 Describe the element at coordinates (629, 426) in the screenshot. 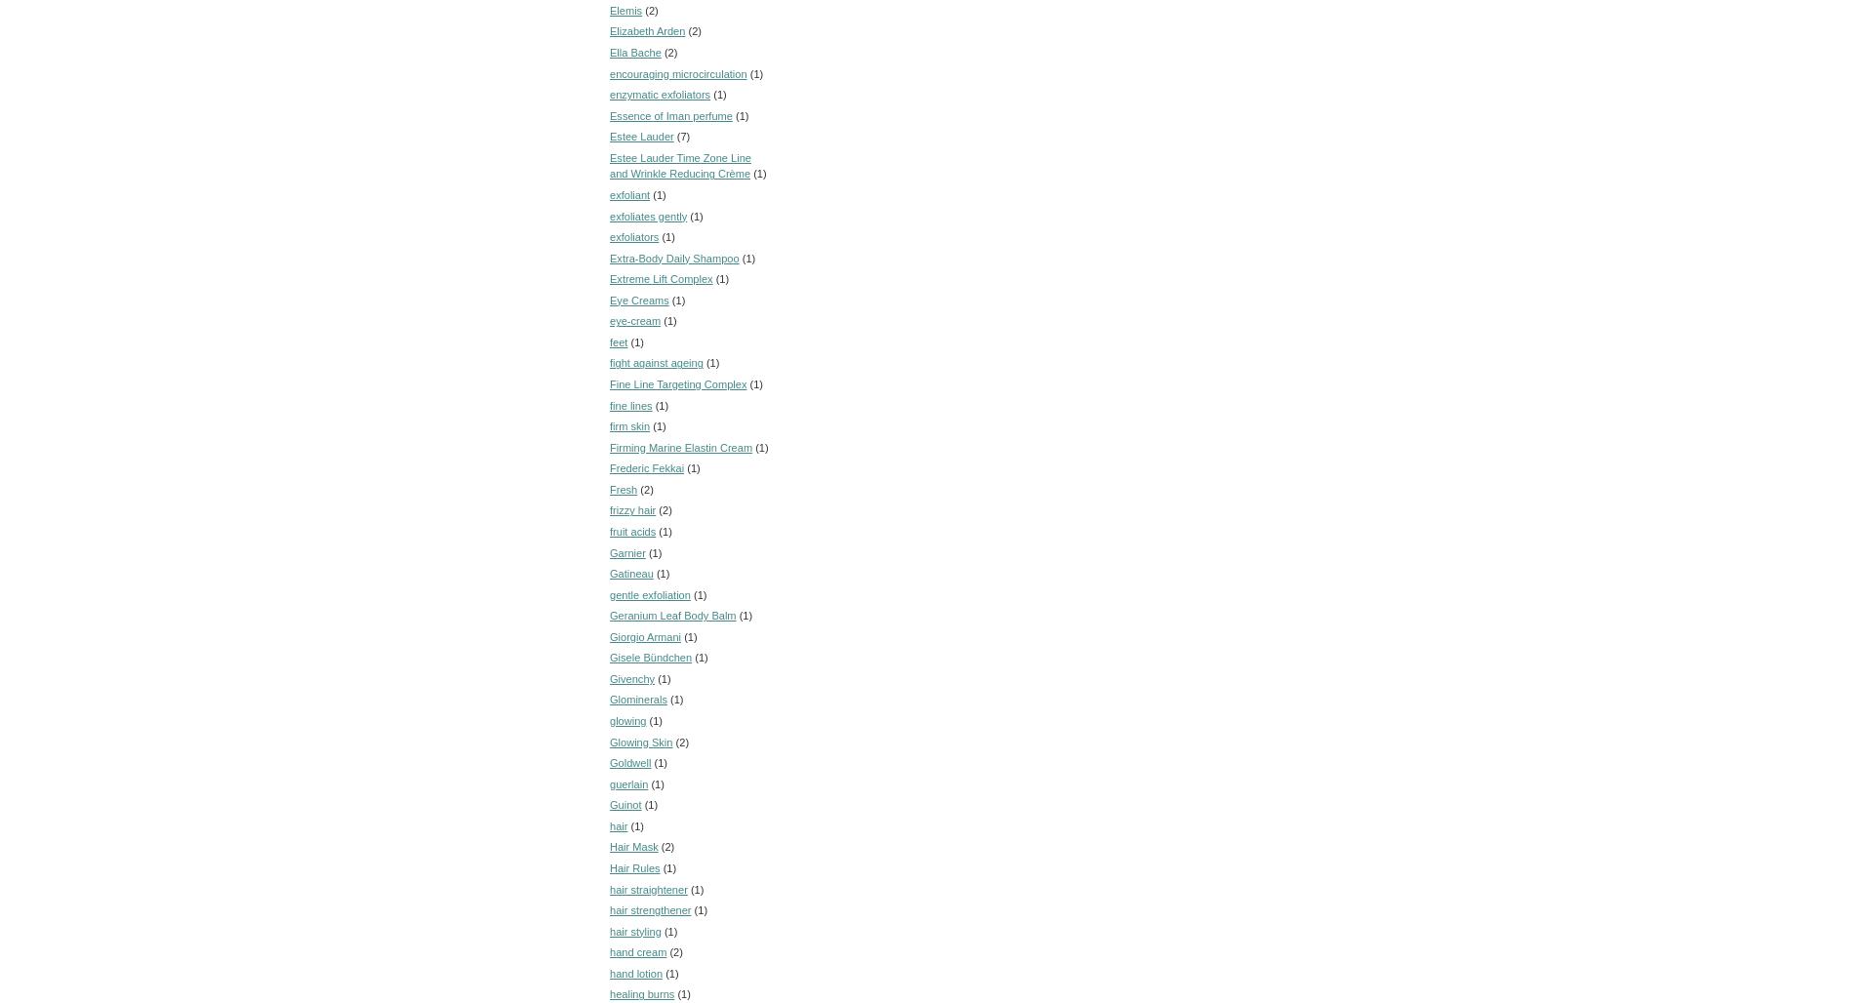

I see `'firm skin'` at that location.